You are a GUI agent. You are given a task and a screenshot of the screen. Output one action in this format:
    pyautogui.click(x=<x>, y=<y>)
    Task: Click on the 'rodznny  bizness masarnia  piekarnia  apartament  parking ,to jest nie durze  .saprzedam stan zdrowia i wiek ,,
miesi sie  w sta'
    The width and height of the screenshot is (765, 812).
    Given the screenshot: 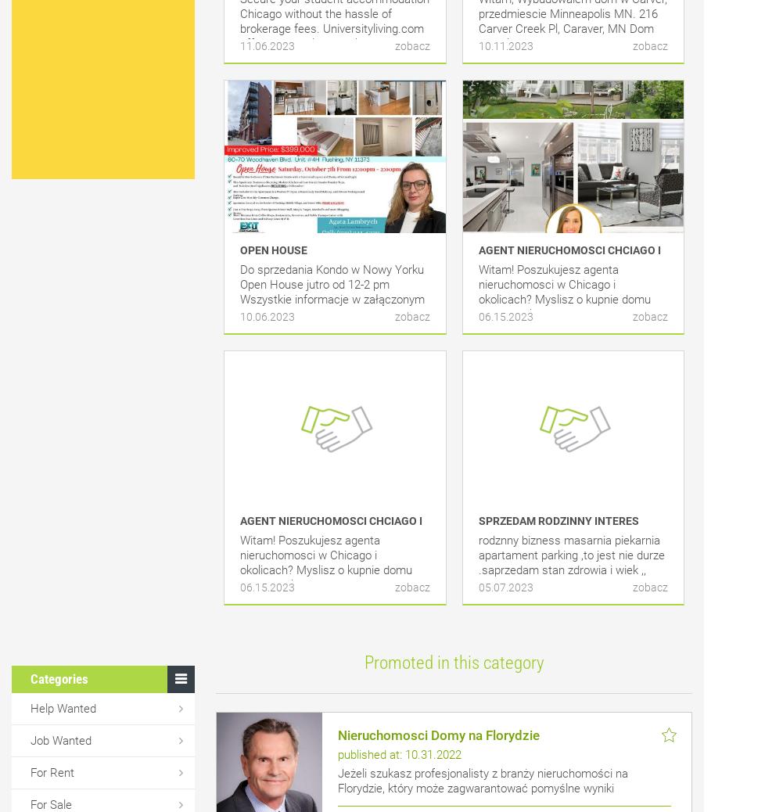 What is the action you would take?
    pyautogui.click(x=570, y=562)
    